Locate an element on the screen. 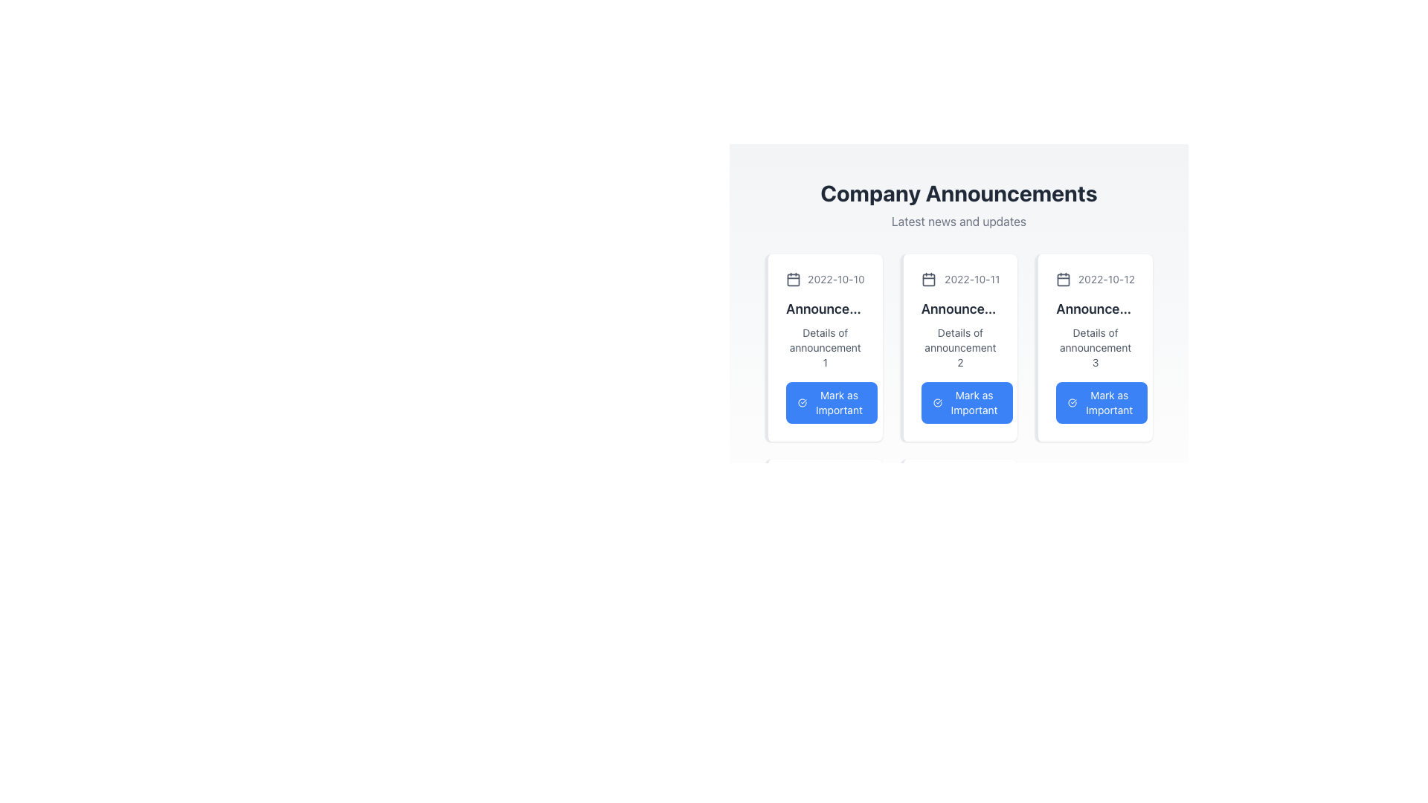  the title text element of the announcement, which is located in the third card from the left, positioned below the date '2022-10-12' and above the details text and button is located at coordinates (1096, 309).